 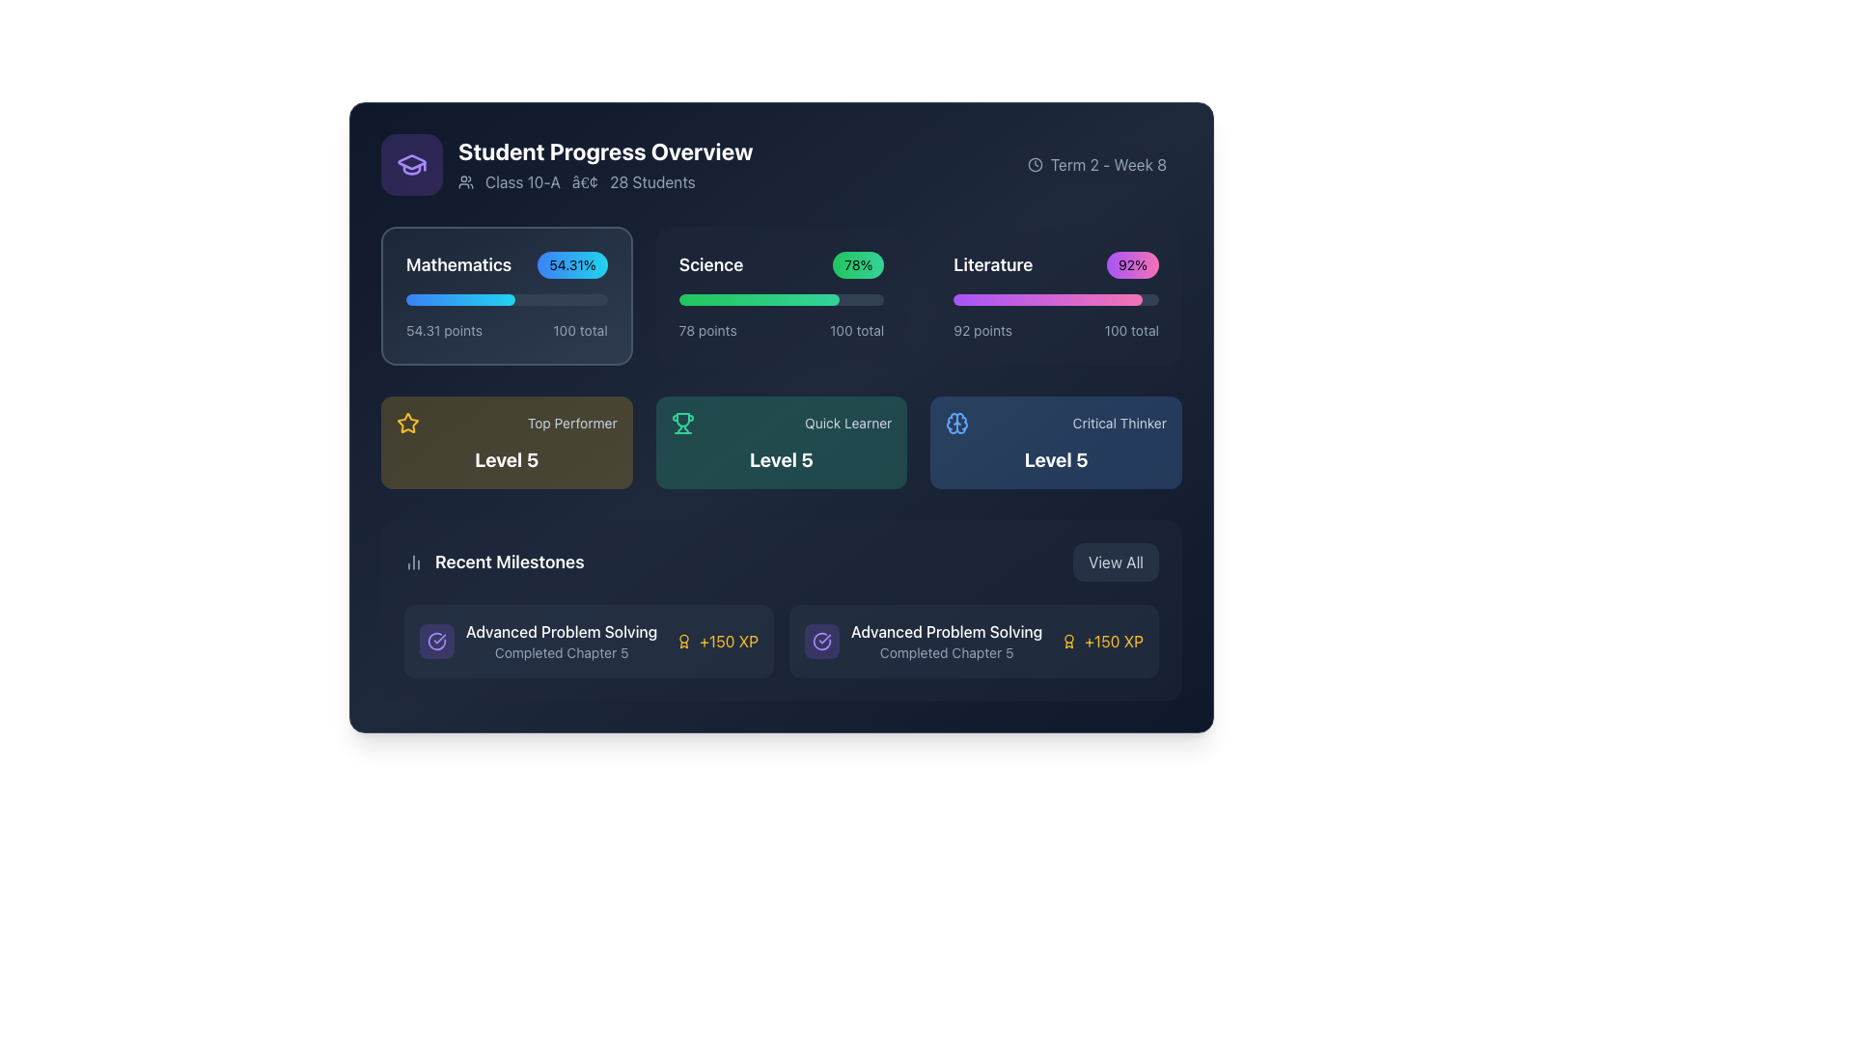 What do you see at coordinates (1102, 641) in the screenshot?
I see `the informational display showing '150 XP points' that is located on the far right of the 'Advanced Problem Solving' row, aligned with the 'Completed Chapter 5' text` at bounding box center [1102, 641].